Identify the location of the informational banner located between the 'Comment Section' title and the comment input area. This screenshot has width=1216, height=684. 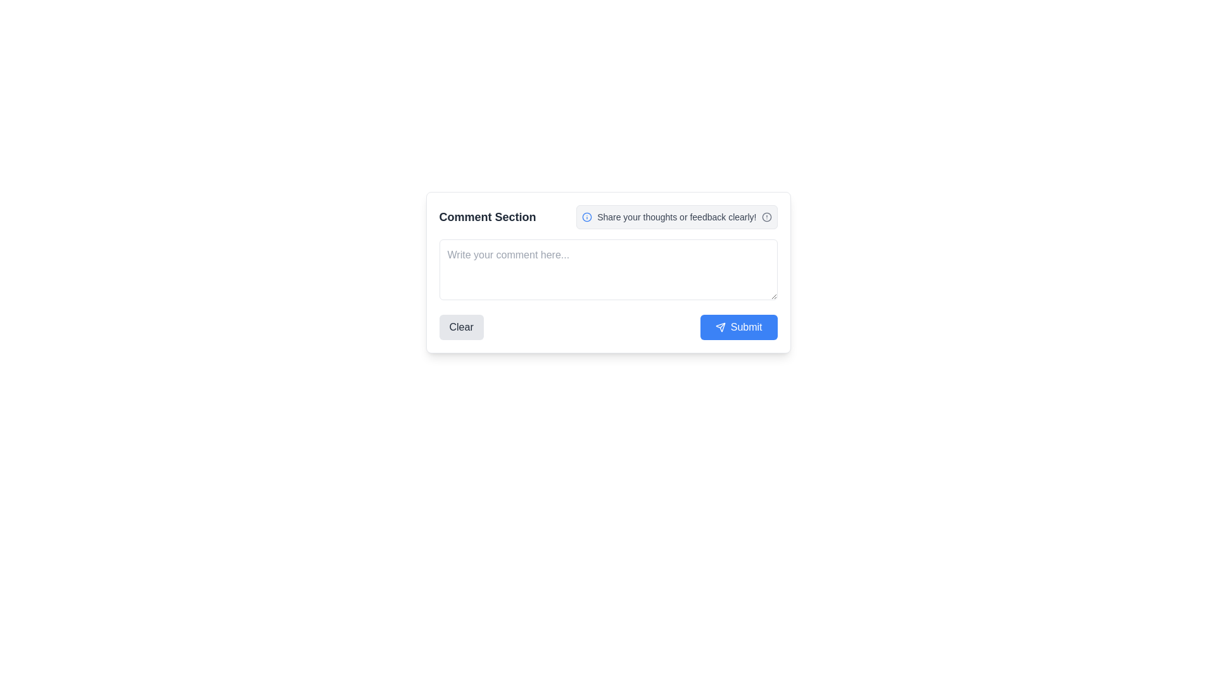
(676, 217).